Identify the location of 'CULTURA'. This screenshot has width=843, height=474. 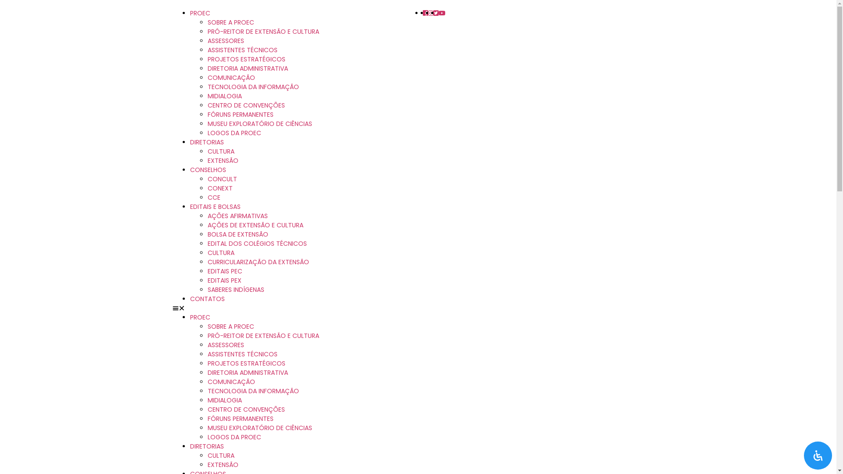
(220, 252).